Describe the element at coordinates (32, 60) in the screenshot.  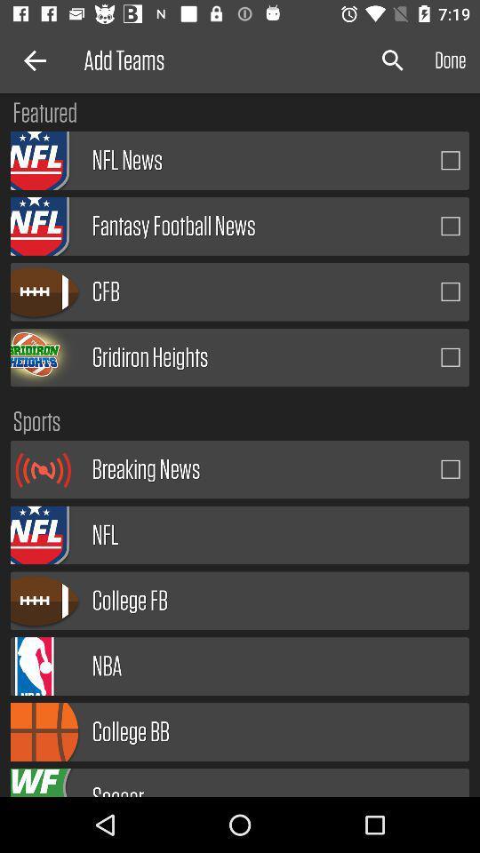
I see `icon next to the add teams item` at that location.